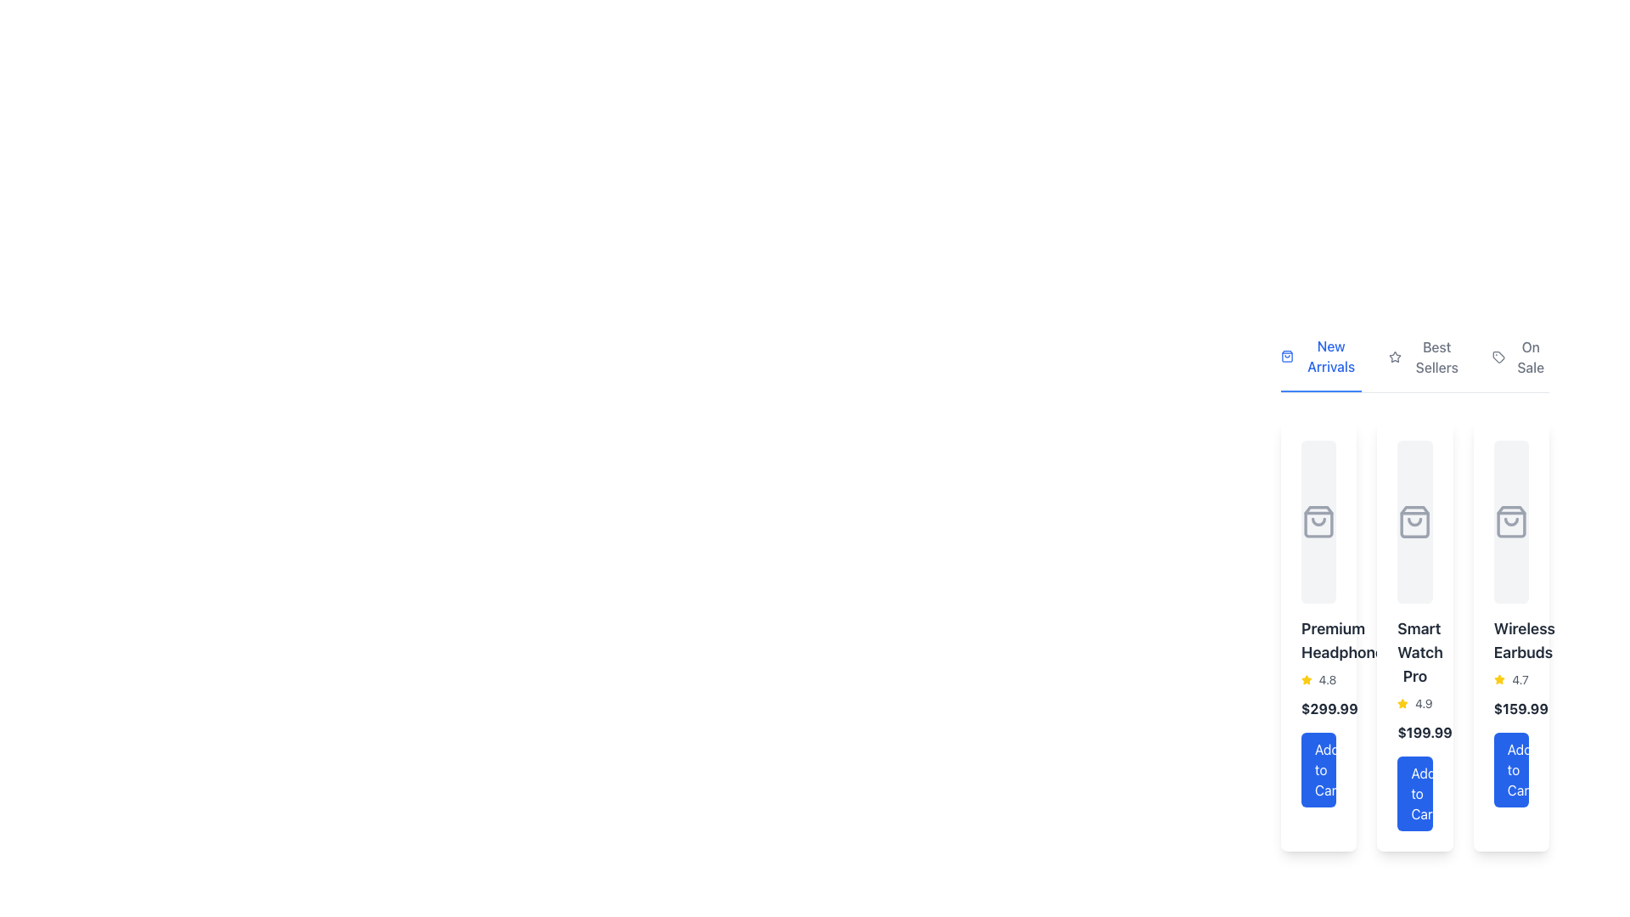 The image size is (1630, 917). What do you see at coordinates (1520, 708) in the screenshot?
I see `the price displayed in the text label located within the product card for 'Wireless Earbuds', positioned under the product title and rating, just above the 'Add to Cart' button` at bounding box center [1520, 708].